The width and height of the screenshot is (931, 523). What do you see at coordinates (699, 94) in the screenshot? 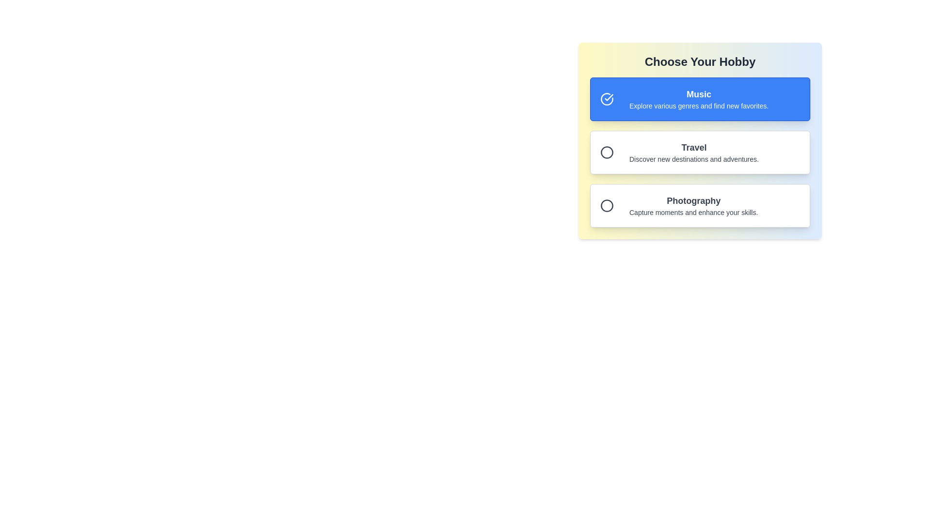
I see `text 'Music' which is styled in bold and white on a blue background, centrally aligned in the hobby selection interface` at bounding box center [699, 94].